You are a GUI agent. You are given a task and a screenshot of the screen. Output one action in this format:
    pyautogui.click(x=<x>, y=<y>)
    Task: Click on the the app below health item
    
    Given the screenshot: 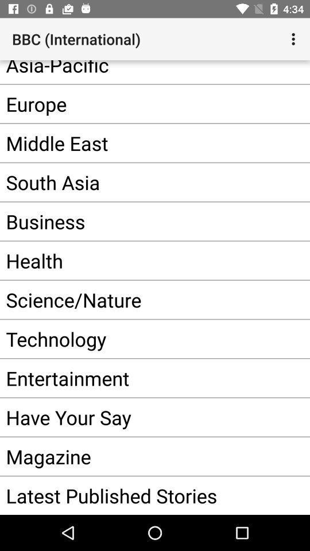 What is the action you would take?
    pyautogui.click(x=137, y=299)
    